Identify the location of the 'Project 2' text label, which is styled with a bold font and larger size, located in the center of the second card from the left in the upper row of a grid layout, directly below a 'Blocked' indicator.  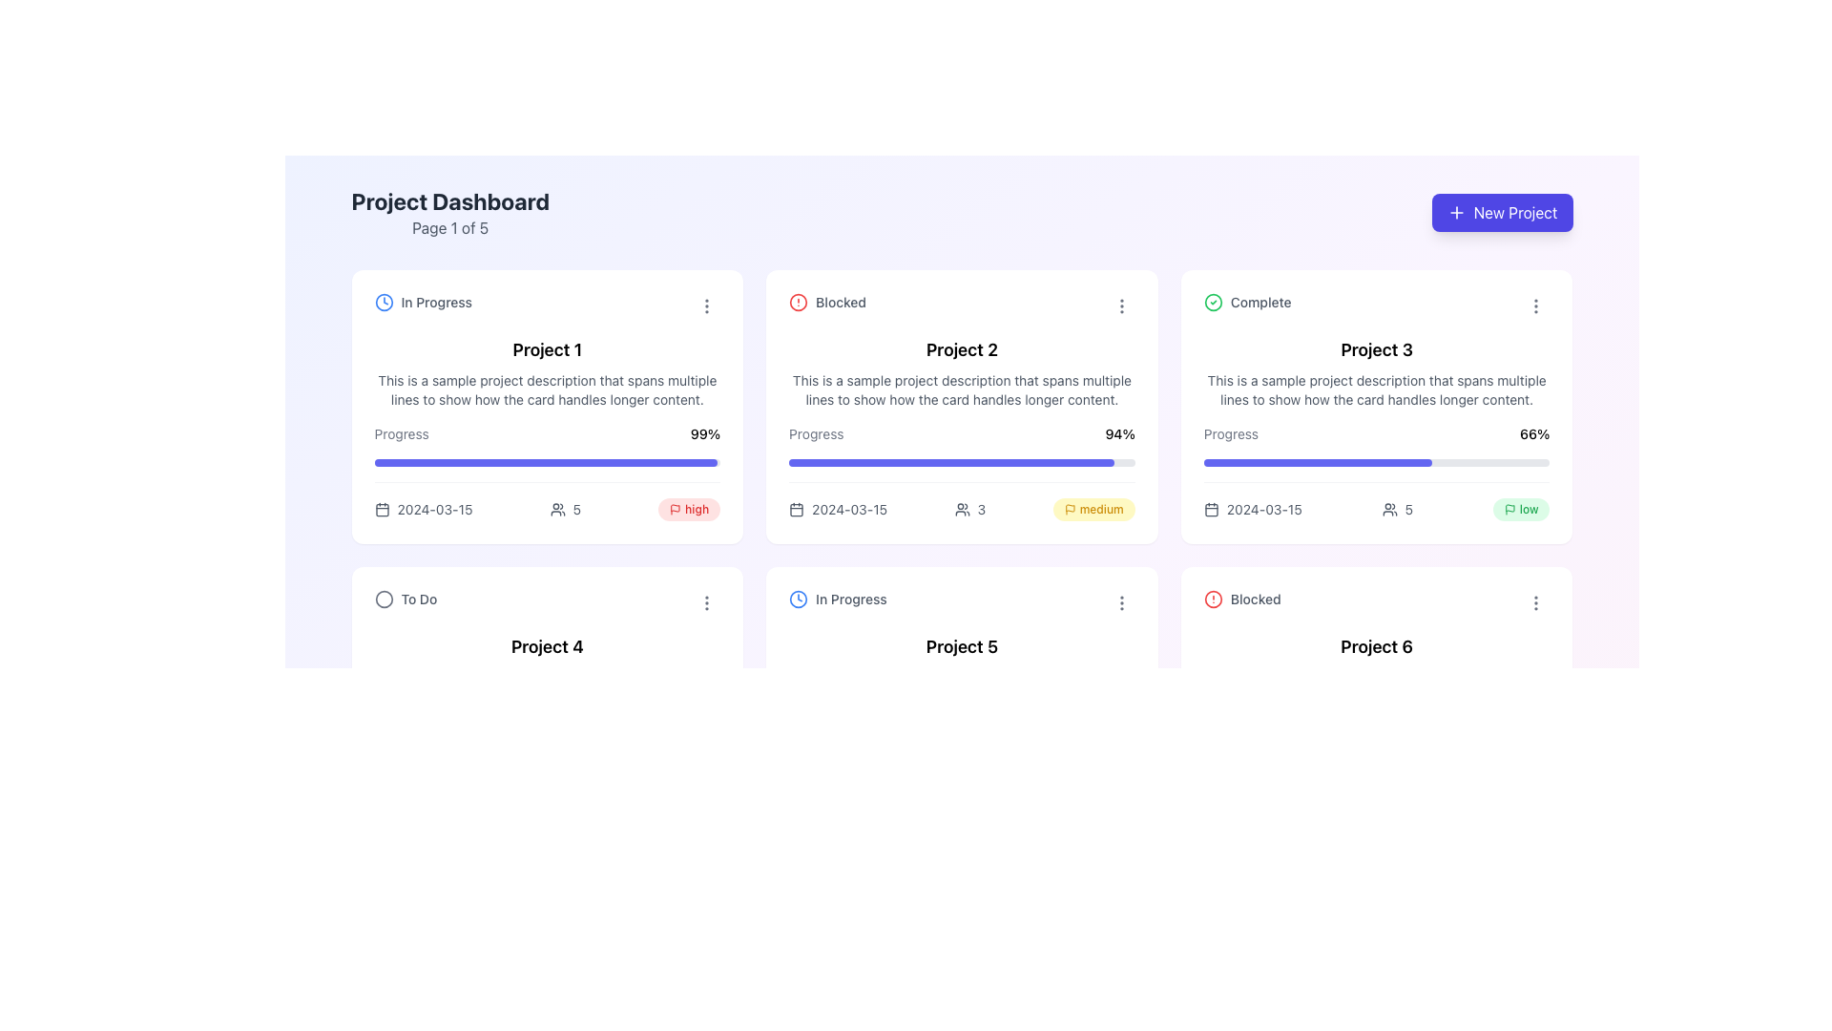
(962, 349).